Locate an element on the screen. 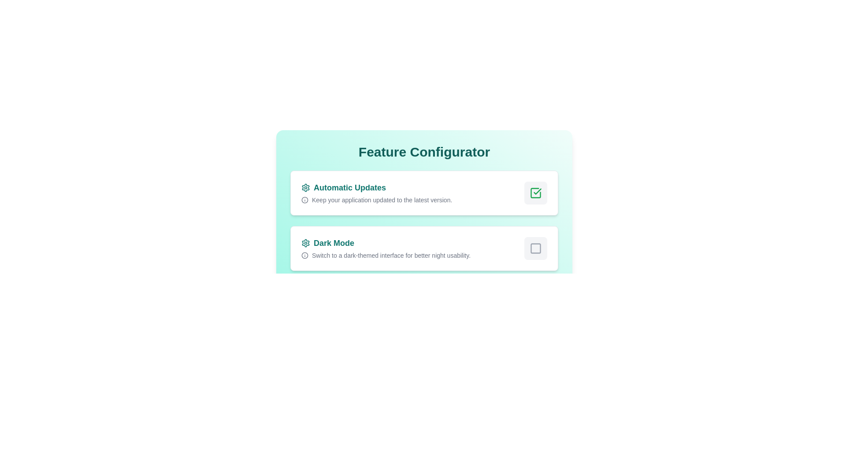 This screenshot has width=846, height=475. the active checkbox with a green outline indicating selection status for 'Automatic Updates' is located at coordinates (535, 193).